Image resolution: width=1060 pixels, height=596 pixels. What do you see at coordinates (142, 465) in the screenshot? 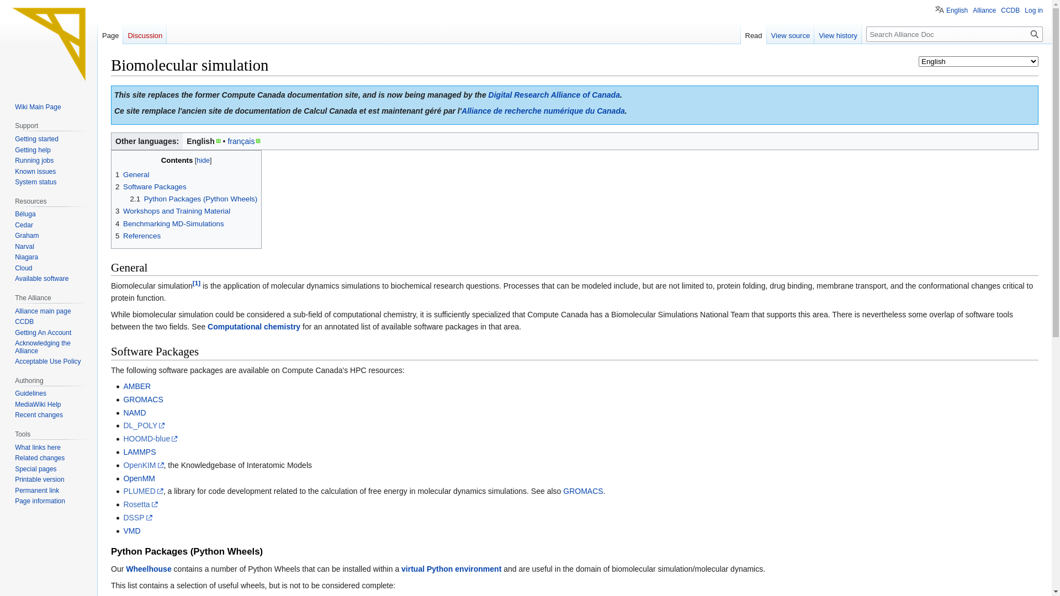
I see `'OpenKIM'` at bounding box center [142, 465].